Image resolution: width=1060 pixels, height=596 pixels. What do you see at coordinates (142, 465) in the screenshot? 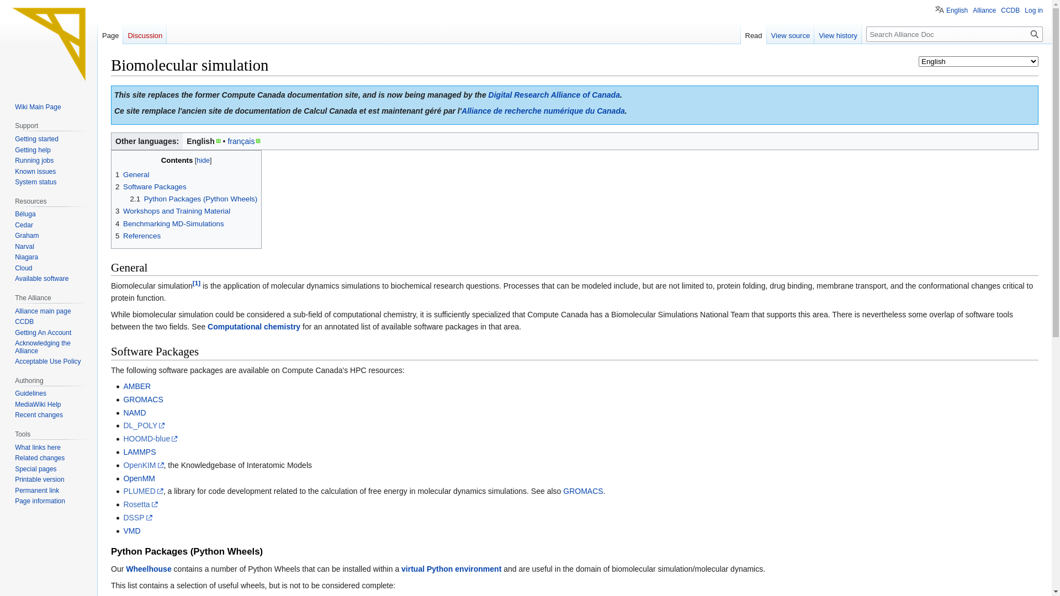
I see `'OpenKIM'` at bounding box center [142, 465].